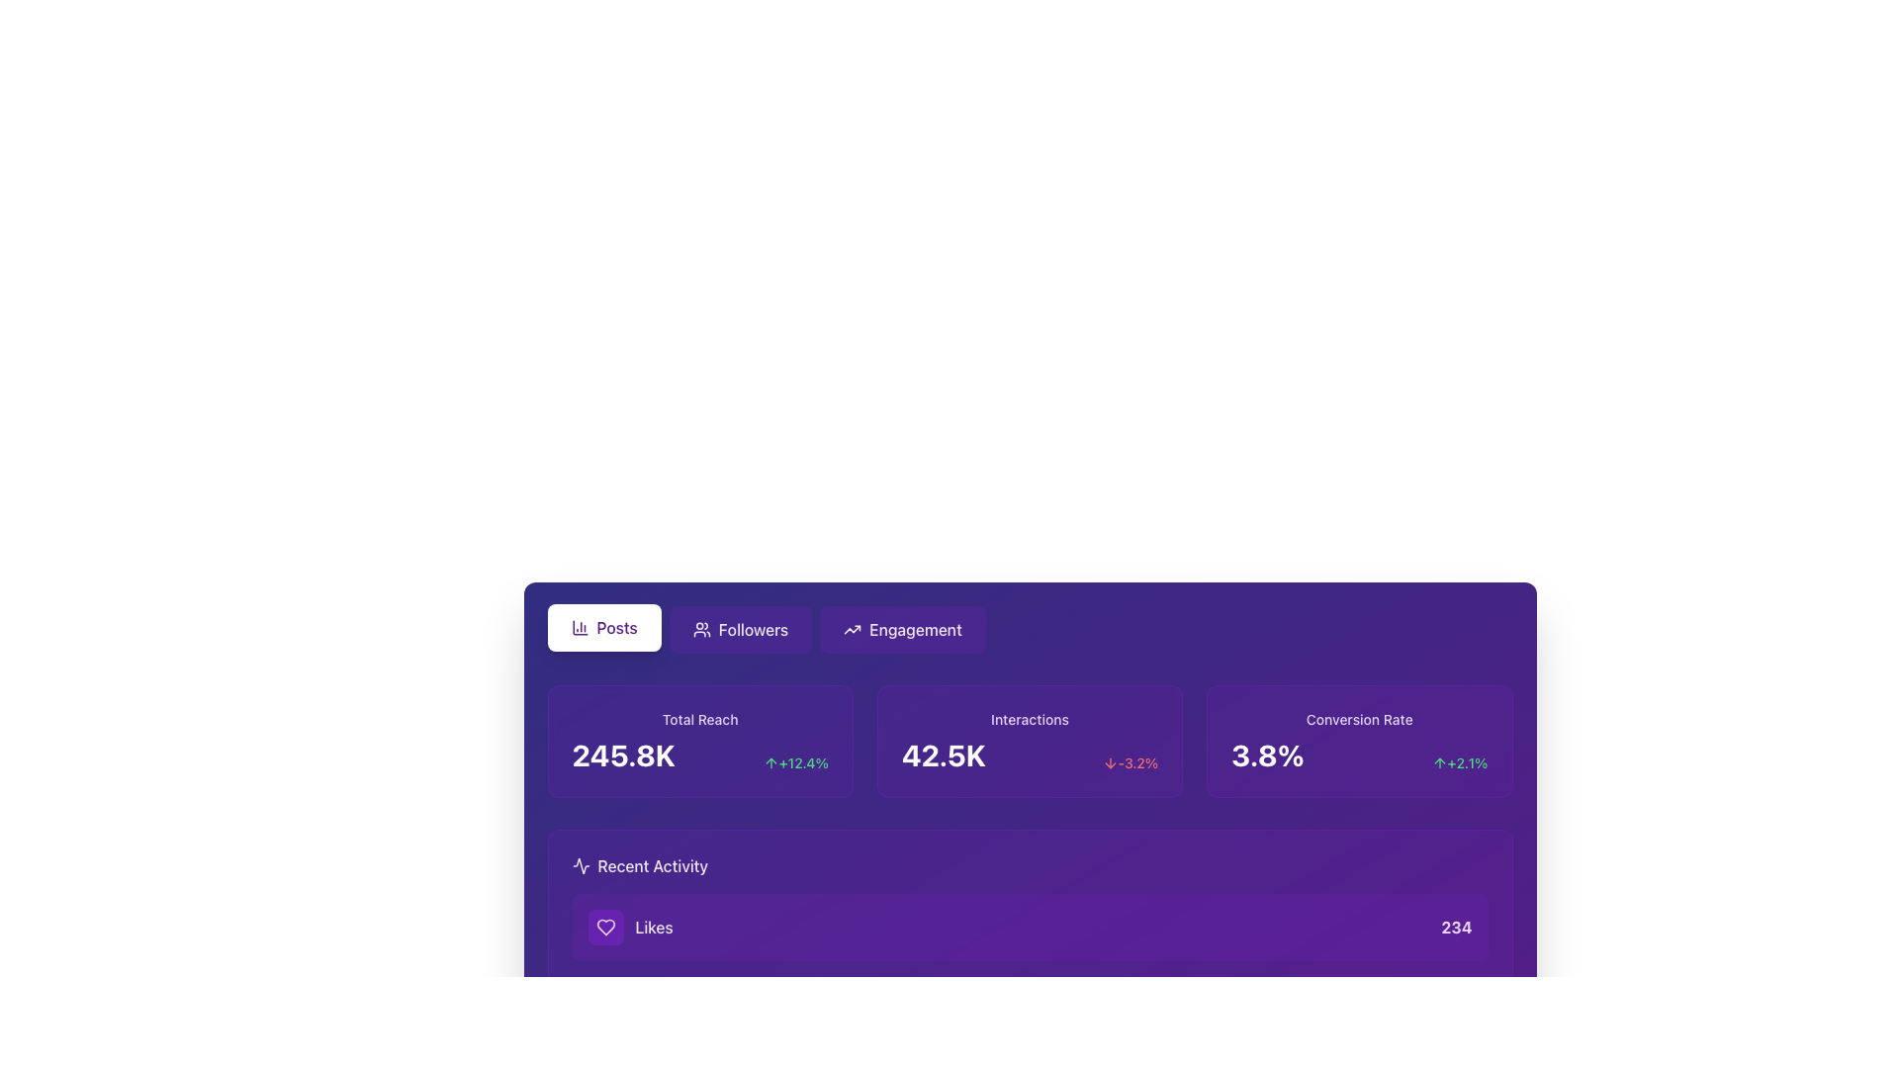 This screenshot has height=1068, width=1899. Describe the element at coordinates (604, 927) in the screenshot. I see `the heart icon with a hollow outline and a soft purple tint located inside a rounded square purple background in the 'Recent Activity' section labeled 'Likes'` at that location.